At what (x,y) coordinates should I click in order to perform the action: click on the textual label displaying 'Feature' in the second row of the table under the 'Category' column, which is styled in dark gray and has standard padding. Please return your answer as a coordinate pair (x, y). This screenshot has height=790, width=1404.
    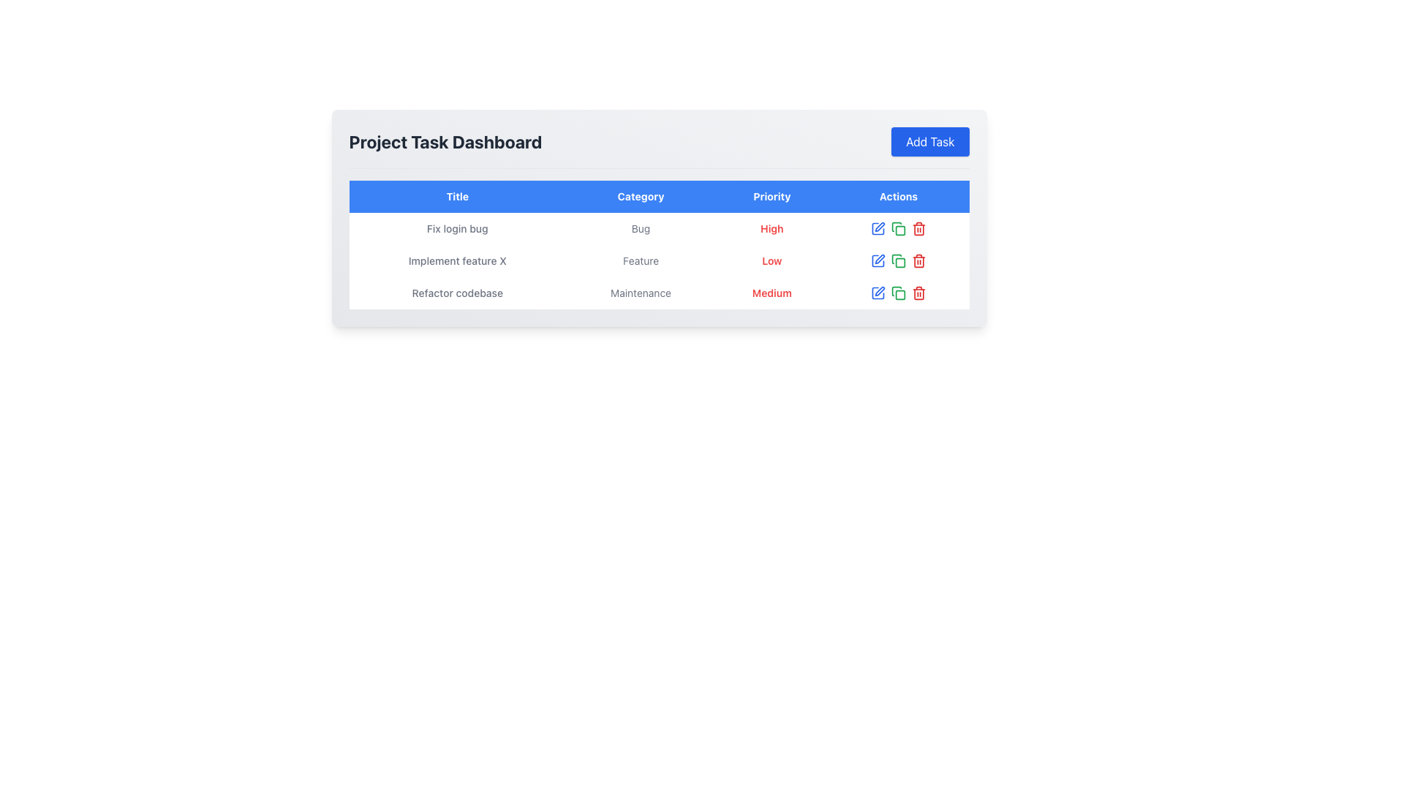
    Looking at the image, I should click on (641, 260).